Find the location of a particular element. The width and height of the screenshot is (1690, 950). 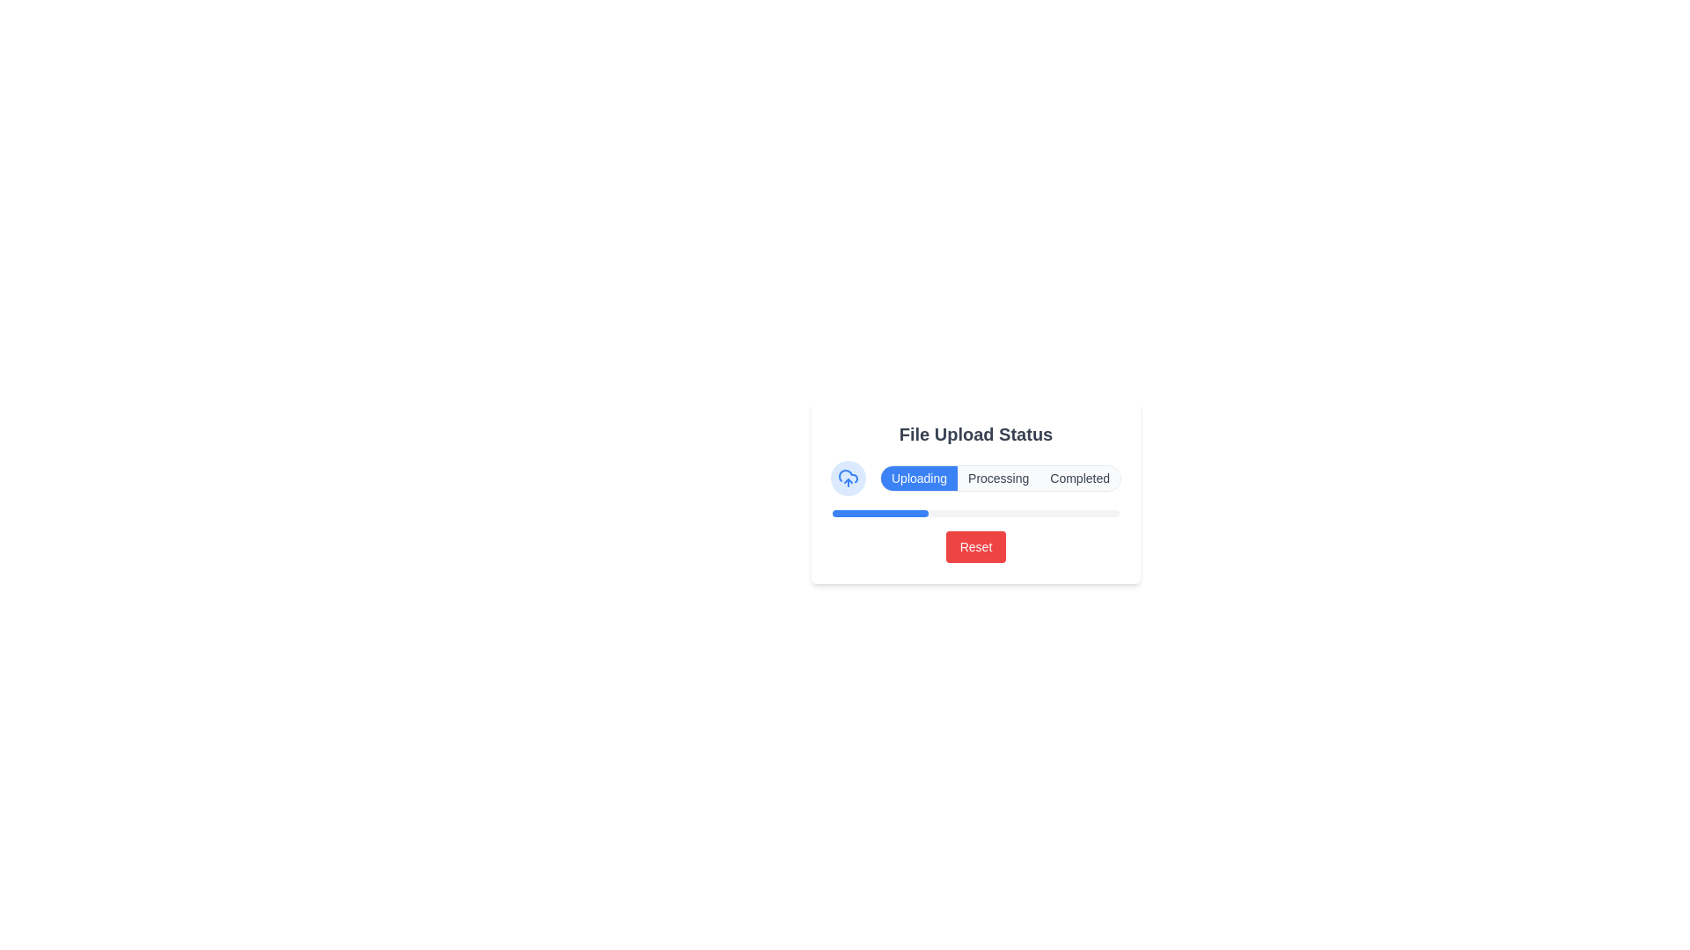

the static label indicating the status 'Completed', which is the third button in a horizontal set of status indicators is located at coordinates (1079, 478).